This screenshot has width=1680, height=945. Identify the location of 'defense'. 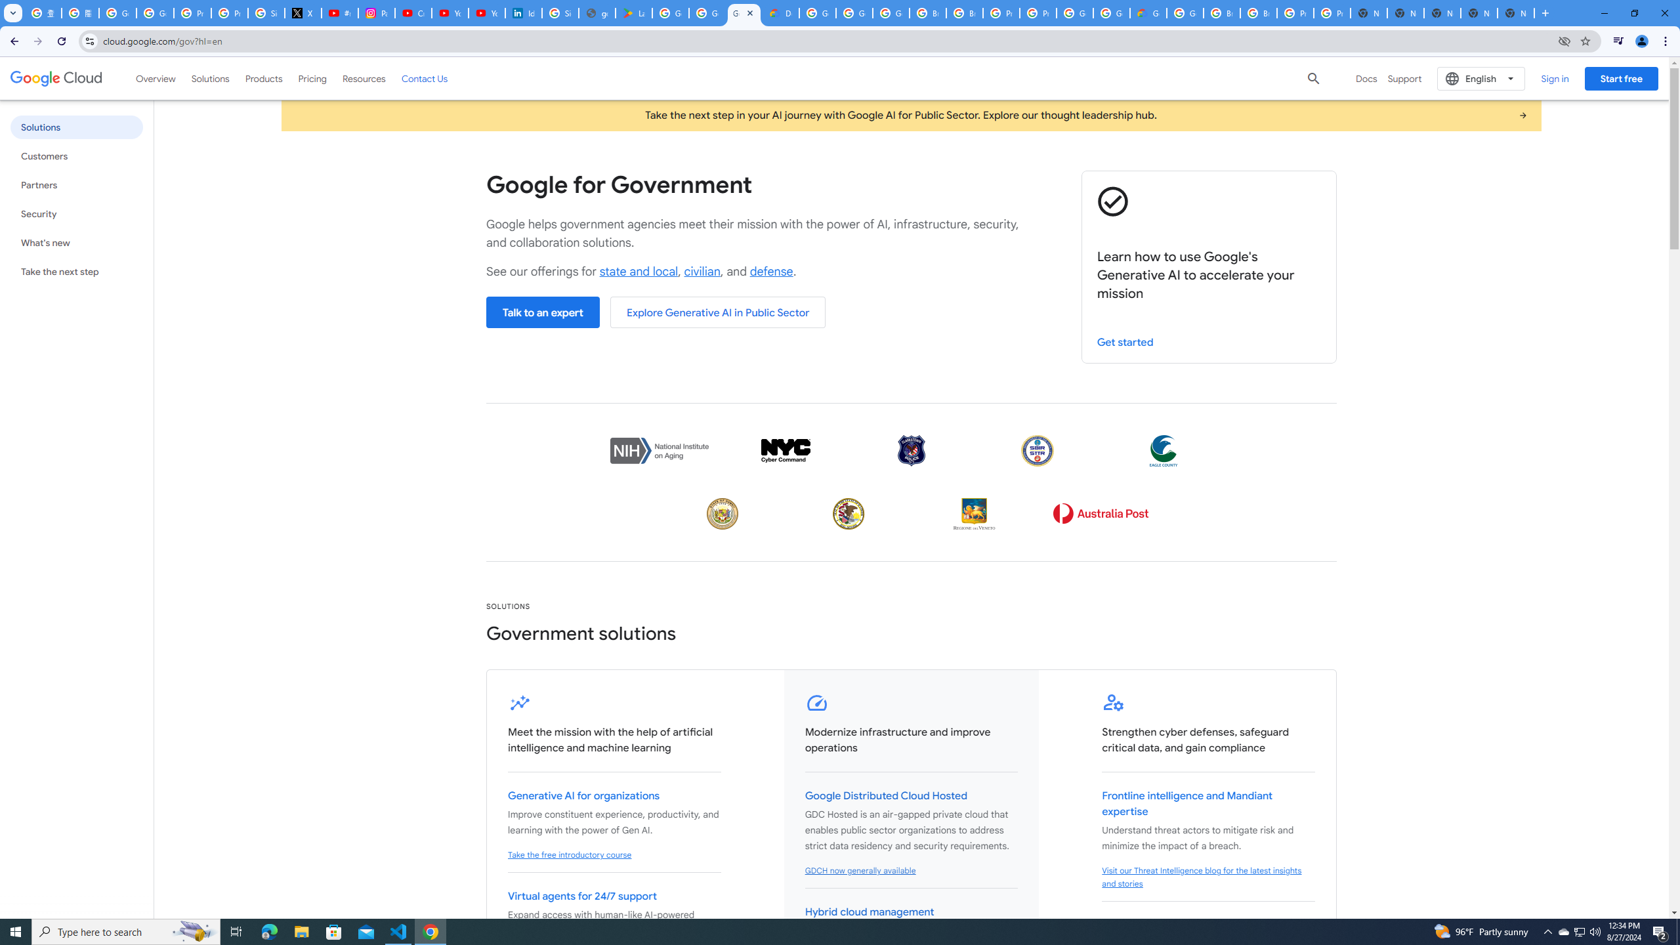
(770, 271).